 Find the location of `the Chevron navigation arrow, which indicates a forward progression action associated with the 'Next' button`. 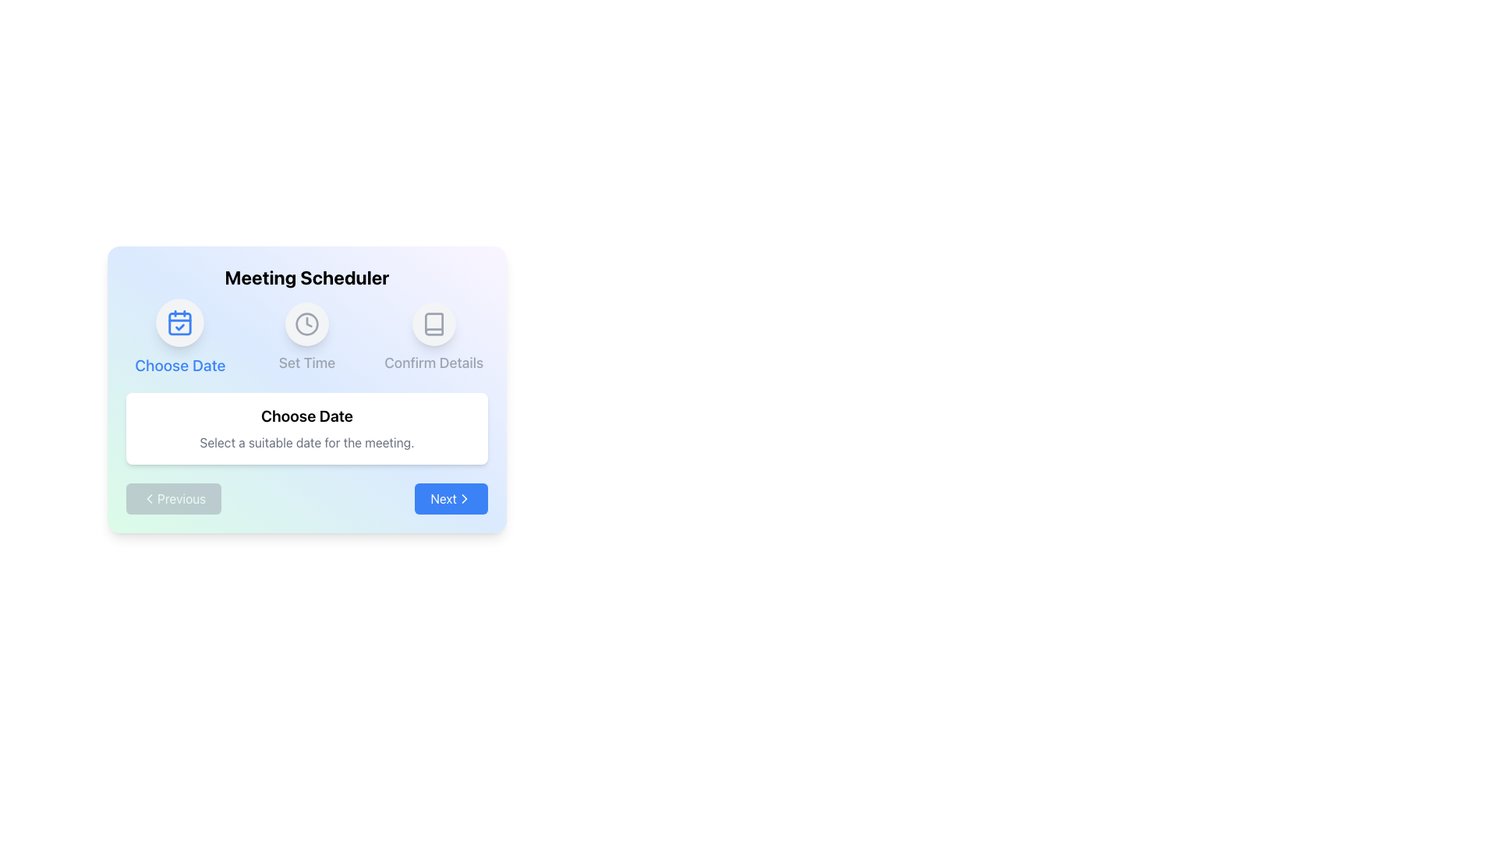

the Chevron navigation arrow, which indicates a forward progression action associated with the 'Next' button is located at coordinates (463, 499).